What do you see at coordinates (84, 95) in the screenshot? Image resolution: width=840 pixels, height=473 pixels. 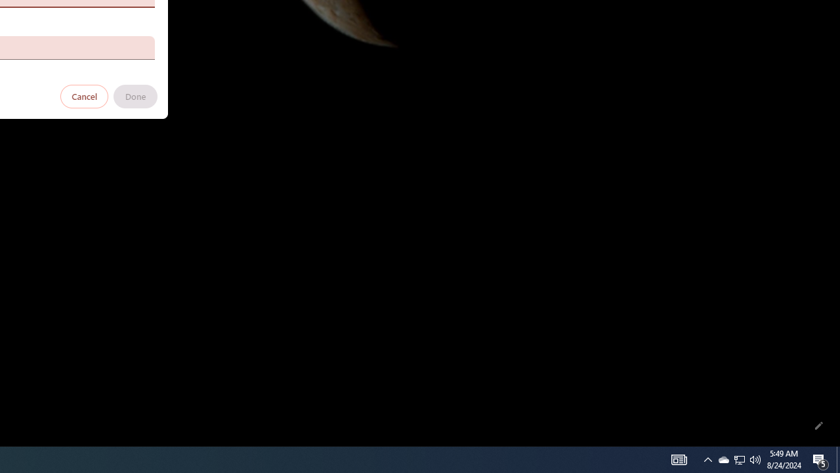 I see `'Cancel'` at bounding box center [84, 95].